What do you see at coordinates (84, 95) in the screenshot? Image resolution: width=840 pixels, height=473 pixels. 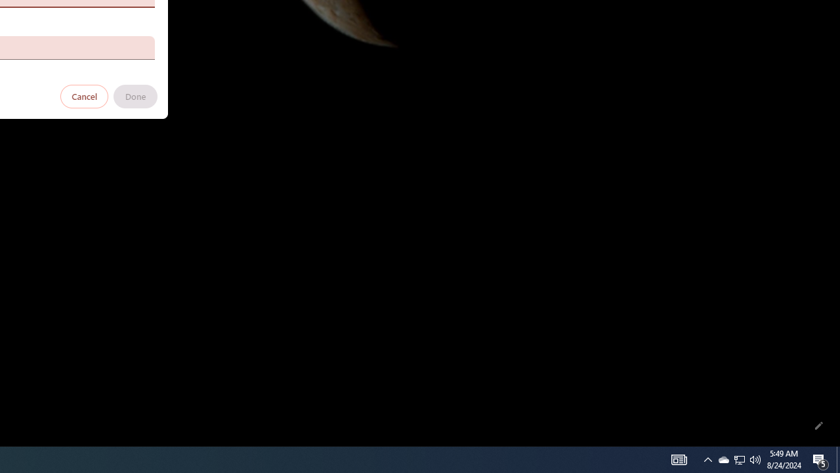 I see `'Cancel'` at bounding box center [84, 95].